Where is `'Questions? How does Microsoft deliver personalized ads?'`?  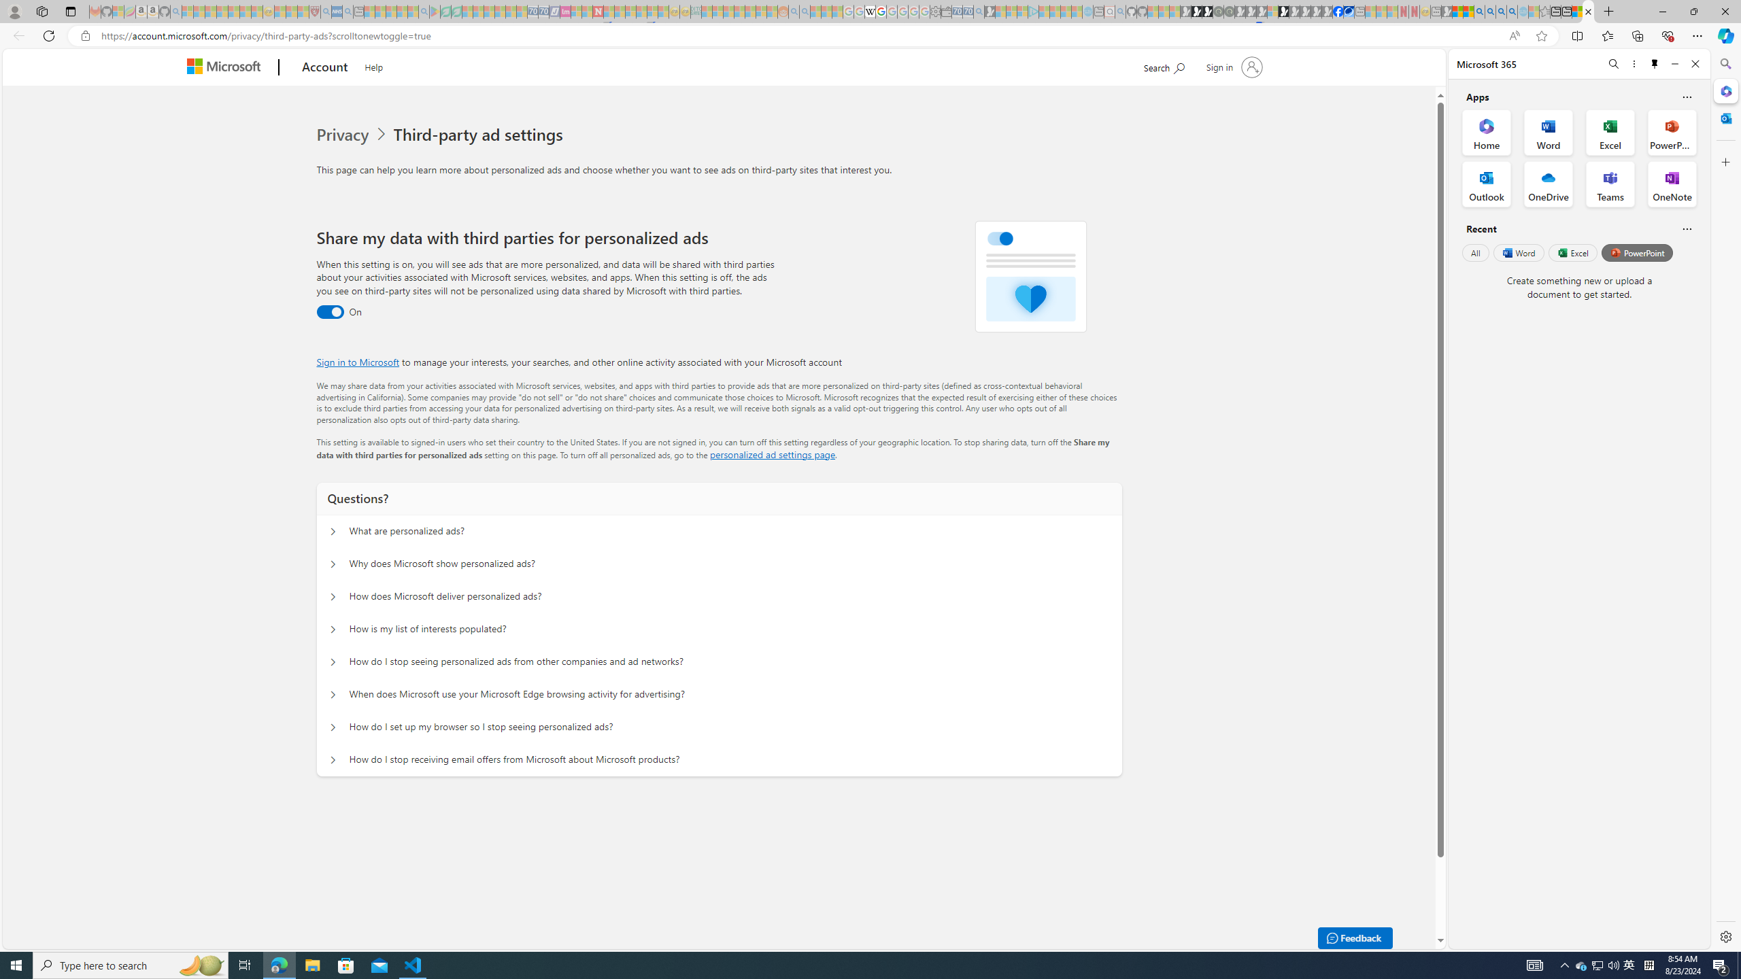 'Questions? How does Microsoft deliver personalized ads?' is located at coordinates (333, 596).